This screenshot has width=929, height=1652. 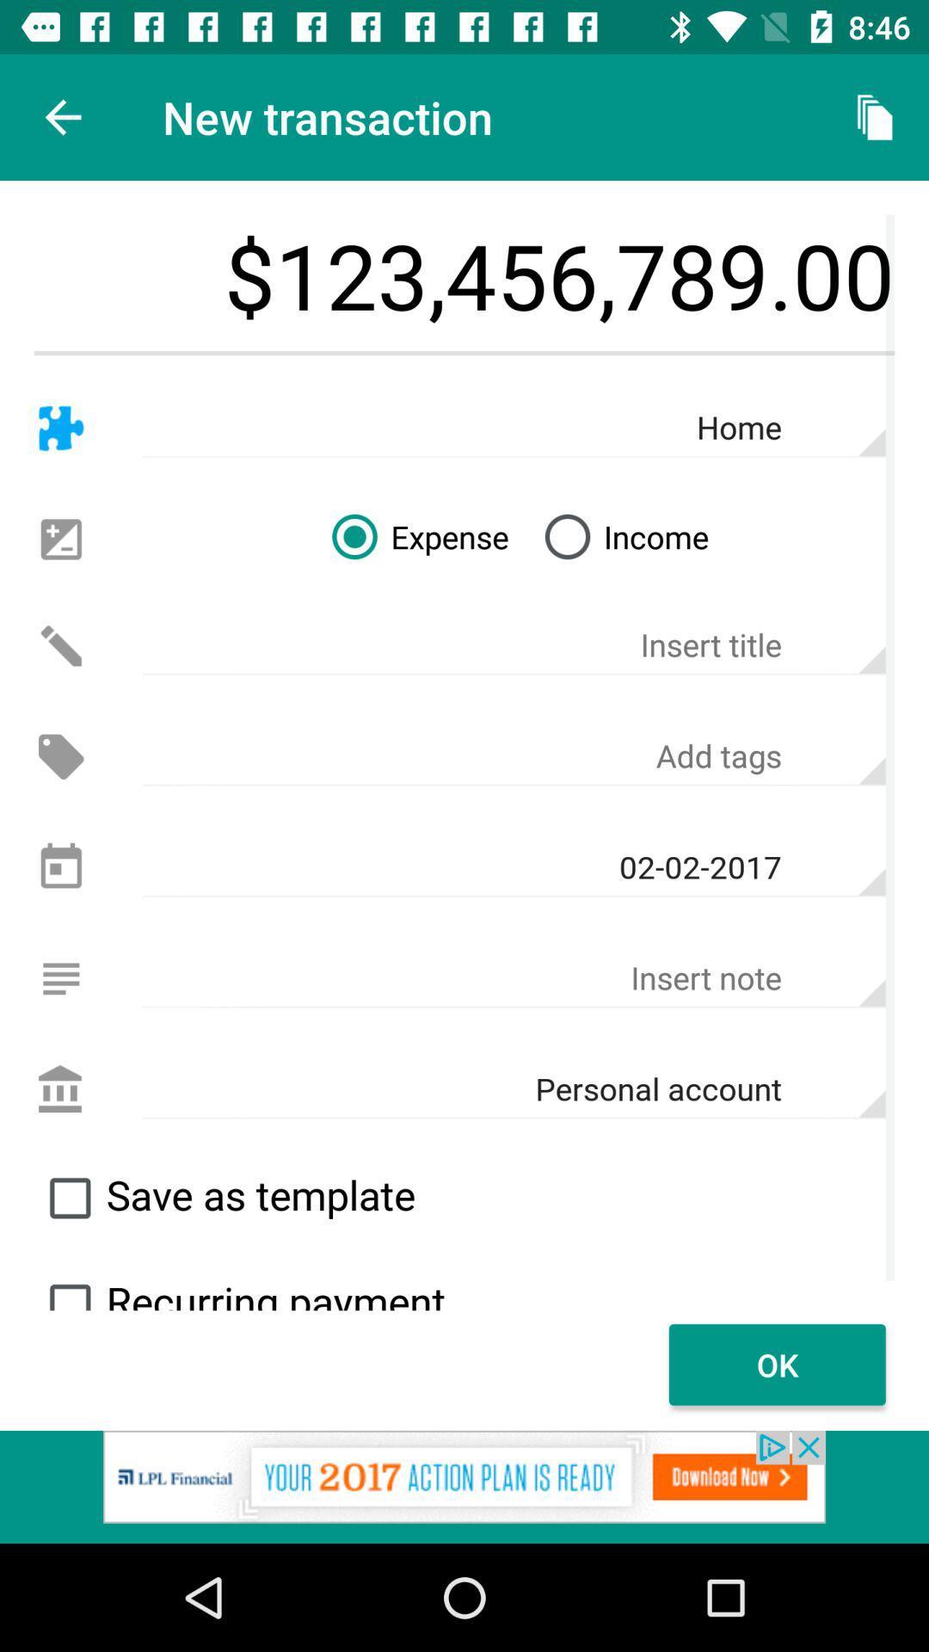 I want to click on personal account, so click(x=60, y=1088).